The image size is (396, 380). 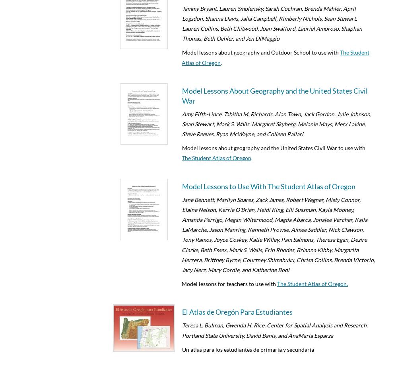 What do you see at coordinates (272, 23) in the screenshot?
I see `'Tammy Bryant, Lauren Smolensky, Sarah Cochran, Brenda Mahler, April Logsdon, Shanna Davis, Jalia Campbell, Kimberly Nichols, Sean Stewart, Lauren Collins, Beth Chitwood, Joan Swafford, Lauriel Amoroso, Shaphan Thomas, Beth Oehler, and Jen DiMaggio'` at bounding box center [272, 23].